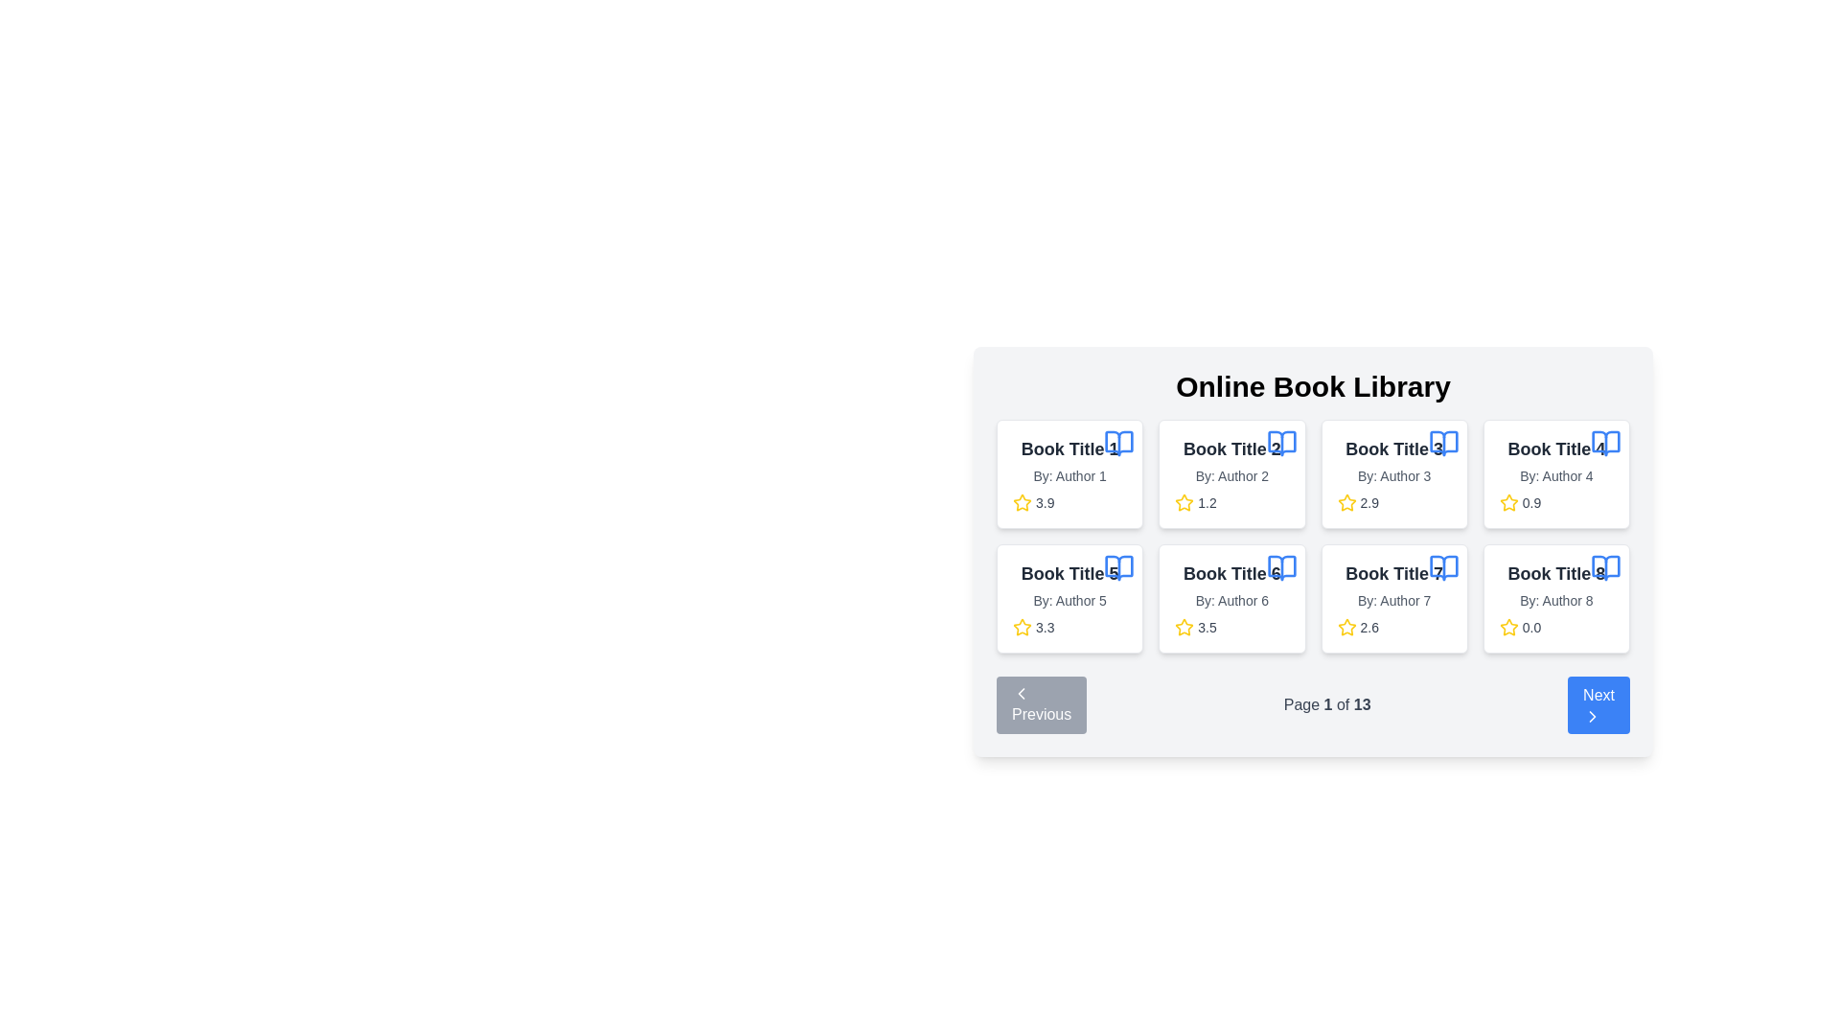 This screenshot has width=1840, height=1035. What do you see at coordinates (1041, 705) in the screenshot?
I see `the blue rectangular button with rounded corners labeled 'Previous', which is located at the bottom-left corner of the page navigation section` at bounding box center [1041, 705].